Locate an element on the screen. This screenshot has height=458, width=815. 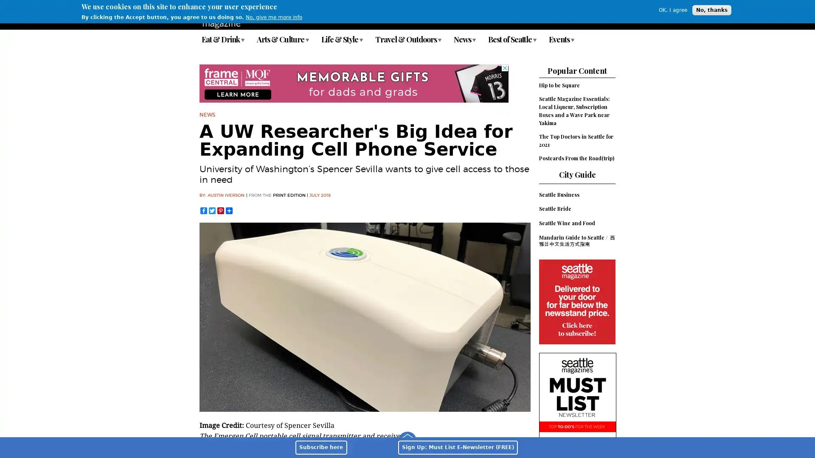
No, thanks is located at coordinates (711, 10).